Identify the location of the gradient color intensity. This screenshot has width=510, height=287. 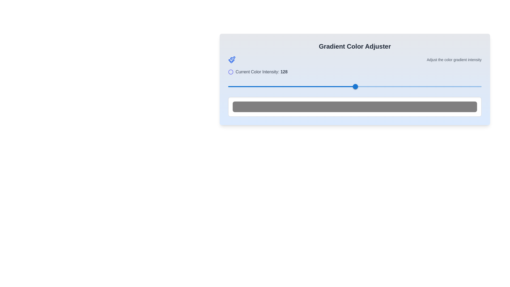
(250, 86).